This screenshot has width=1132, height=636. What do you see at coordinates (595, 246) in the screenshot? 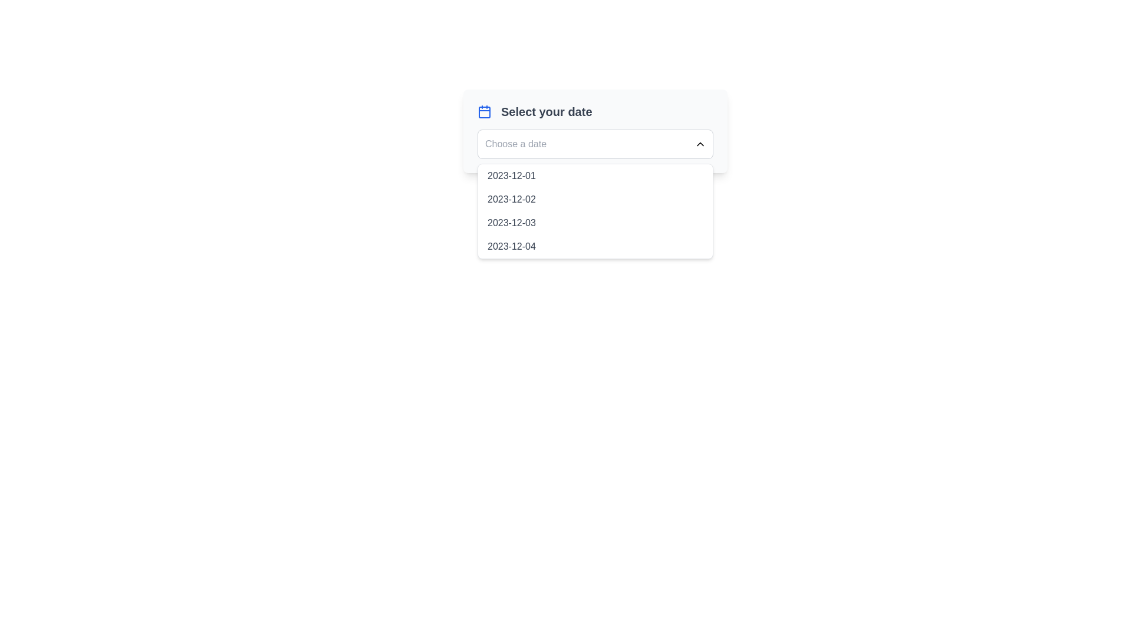
I see `the dropdown menu item for the date '2023-12-04'` at bounding box center [595, 246].